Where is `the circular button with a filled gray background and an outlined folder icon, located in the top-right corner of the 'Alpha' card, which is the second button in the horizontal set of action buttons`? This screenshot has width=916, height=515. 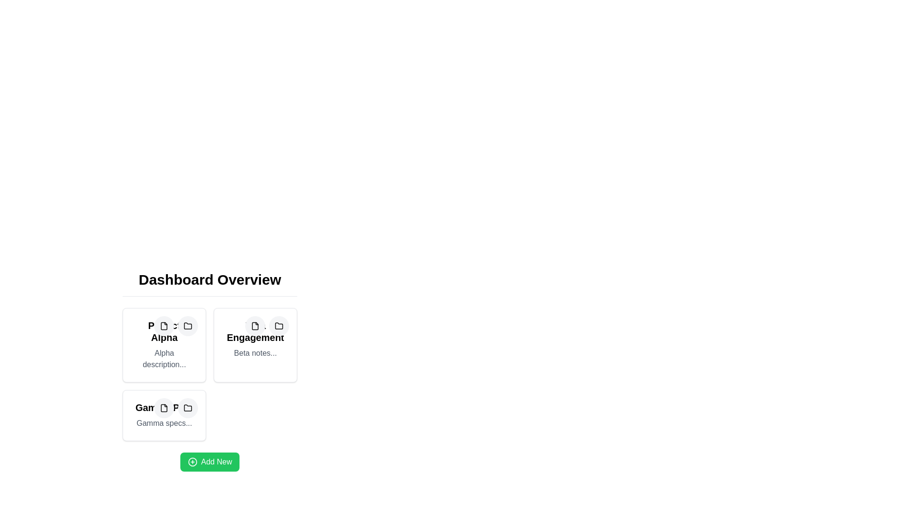 the circular button with a filled gray background and an outlined folder icon, located in the top-right corner of the 'Alpha' card, which is the second button in the horizontal set of action buttons is located at coordinates (187, 325).